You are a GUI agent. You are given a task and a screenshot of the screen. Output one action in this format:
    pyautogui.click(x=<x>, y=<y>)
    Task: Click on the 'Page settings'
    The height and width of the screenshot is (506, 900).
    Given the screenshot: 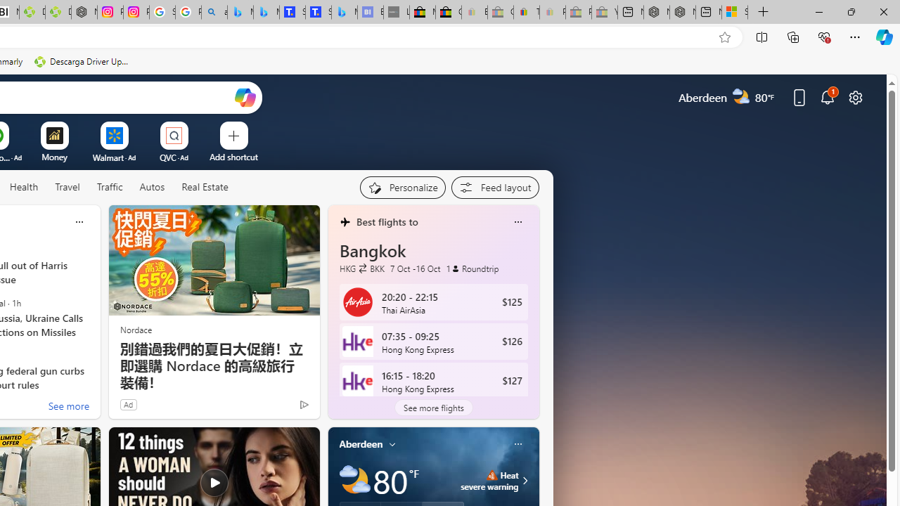 What is the action you would take?
    pyautogui.click(x=854, y=96)
    